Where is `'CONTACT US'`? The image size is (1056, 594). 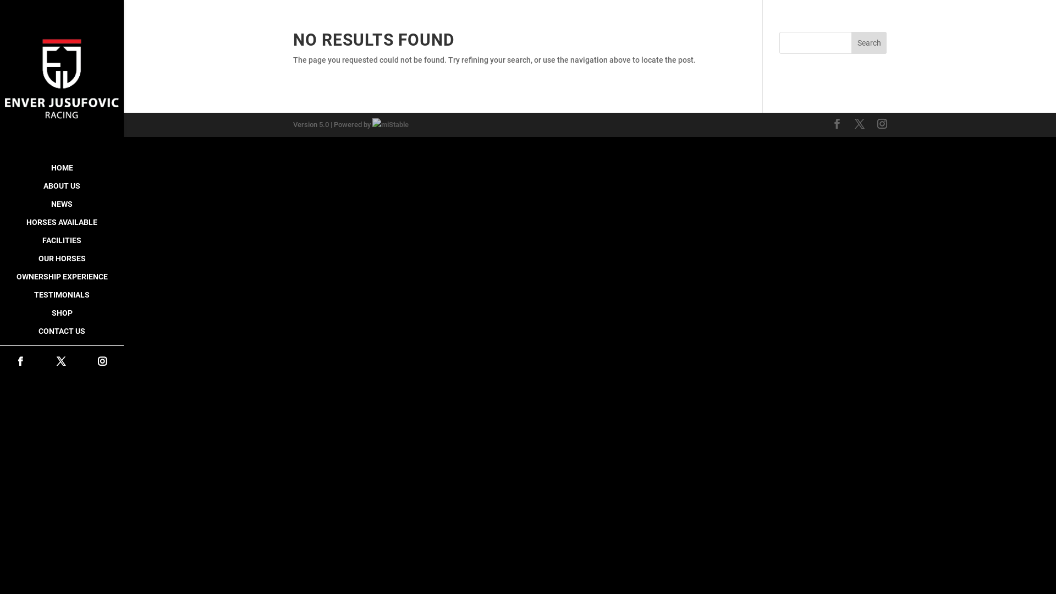
'CONTACT US' is located at coordinates (61, 335).